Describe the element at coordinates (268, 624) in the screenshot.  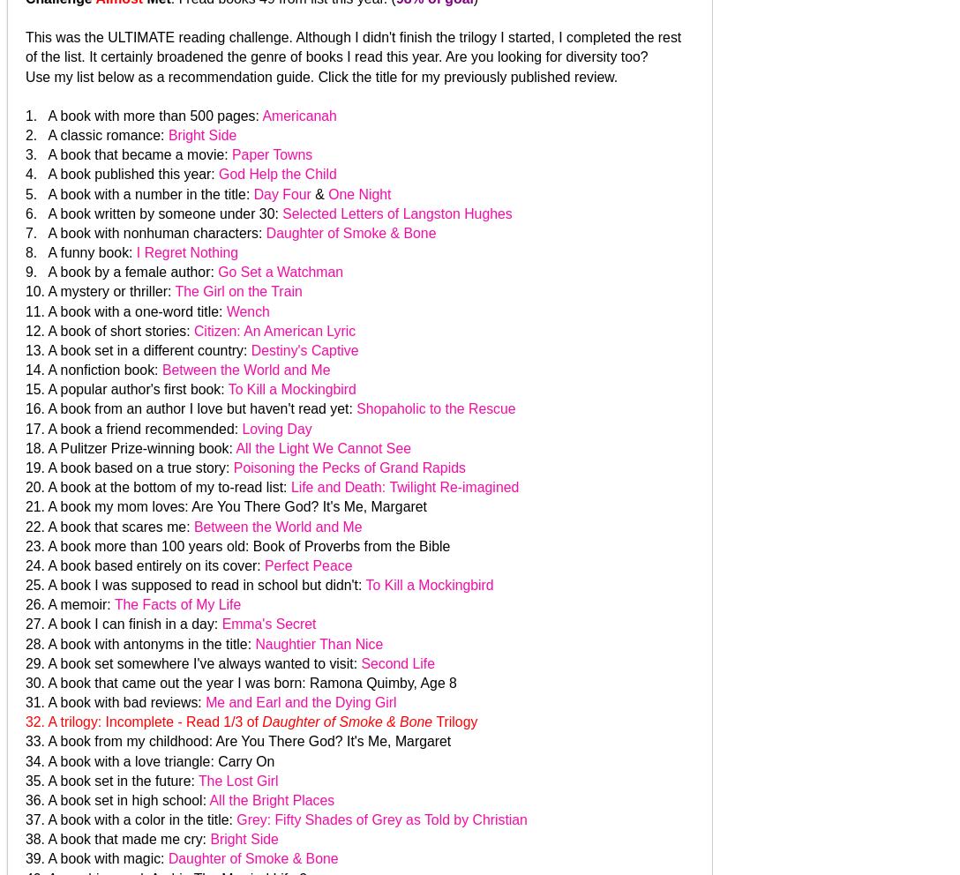
I see `'Emma's Secret'` at that location.